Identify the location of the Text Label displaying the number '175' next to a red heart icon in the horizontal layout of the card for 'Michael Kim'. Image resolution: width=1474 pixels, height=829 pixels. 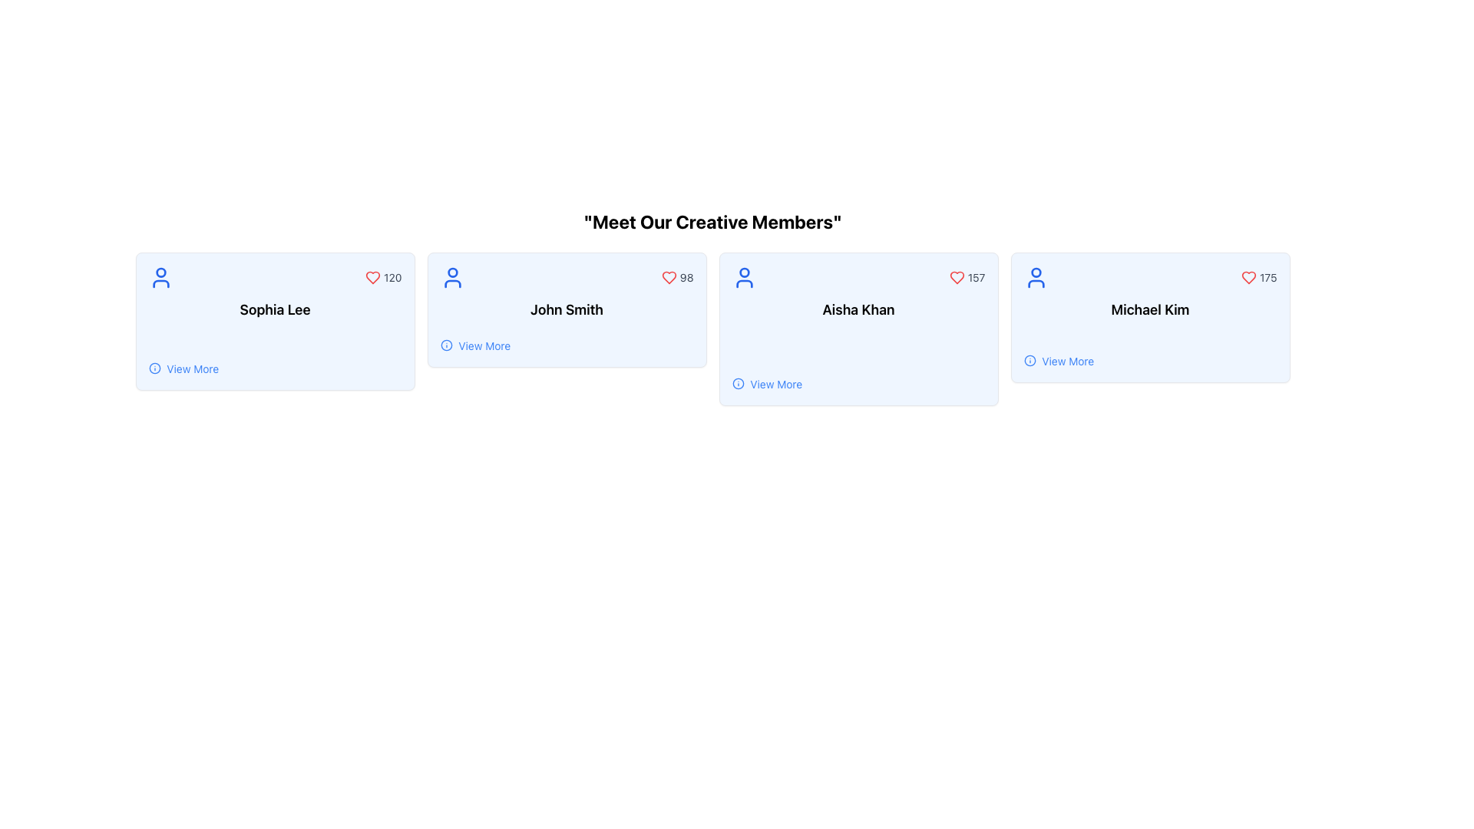
(1150, 278).